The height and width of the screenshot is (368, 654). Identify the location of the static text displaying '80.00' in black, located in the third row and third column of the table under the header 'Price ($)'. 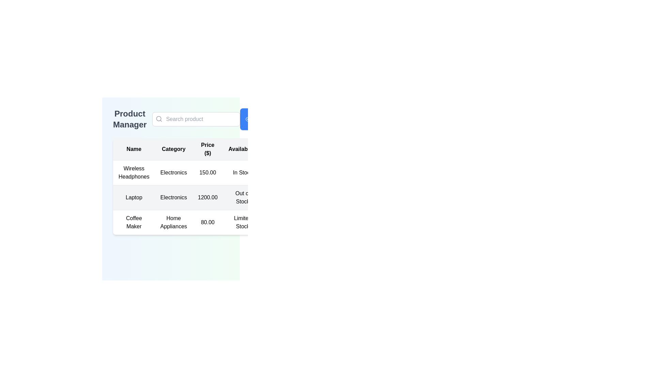
(207, 222).